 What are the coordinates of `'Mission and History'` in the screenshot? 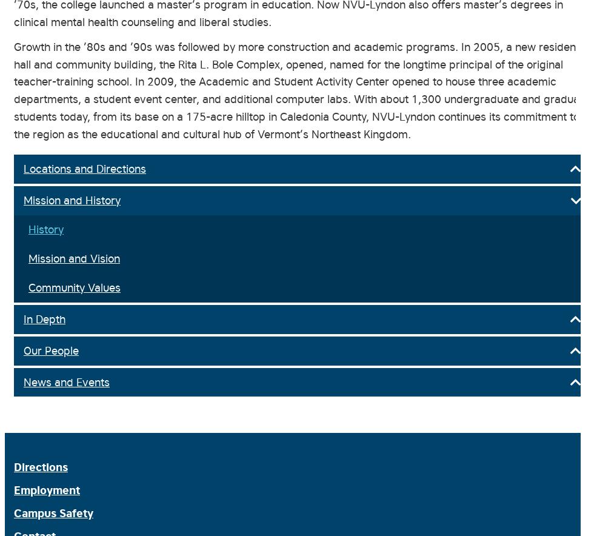 It's located at (72, 199).